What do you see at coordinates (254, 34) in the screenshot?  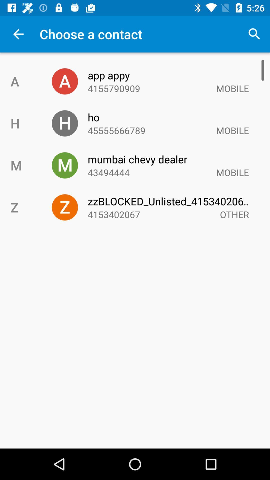 I see `the icon above app appy app` at bounding box center [254, 34].